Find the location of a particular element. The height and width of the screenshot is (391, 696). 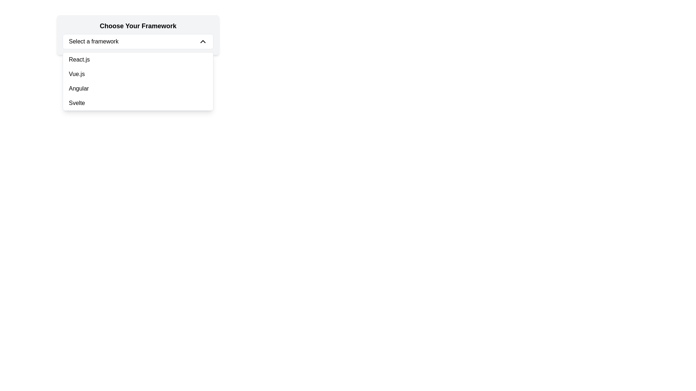

the dropdown menu item 'Vue.js' is located at coordinates (138, 81).